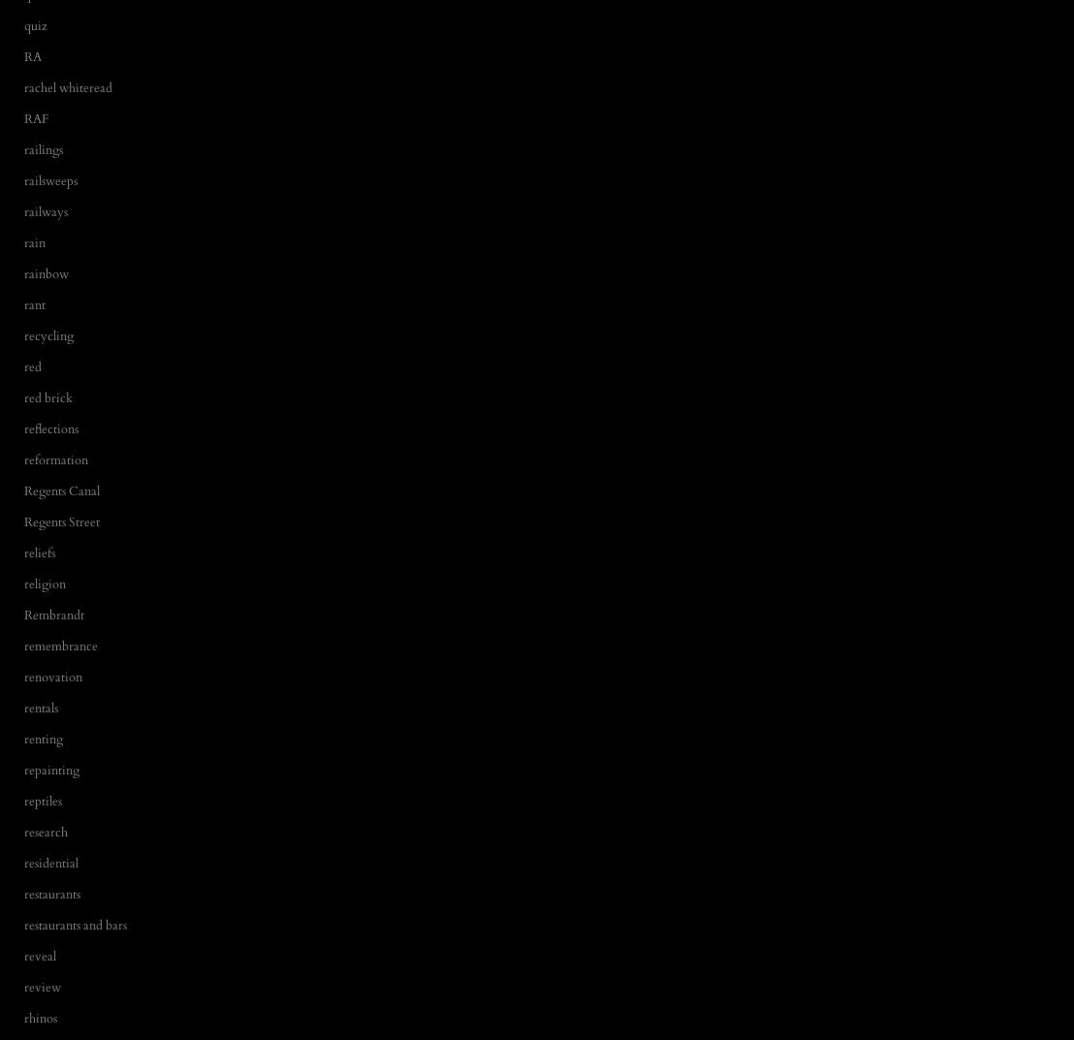  I want to click on 'RAF', so click(24, 117).